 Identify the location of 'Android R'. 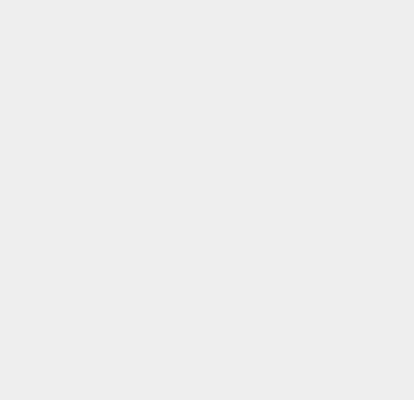
(304, 148).